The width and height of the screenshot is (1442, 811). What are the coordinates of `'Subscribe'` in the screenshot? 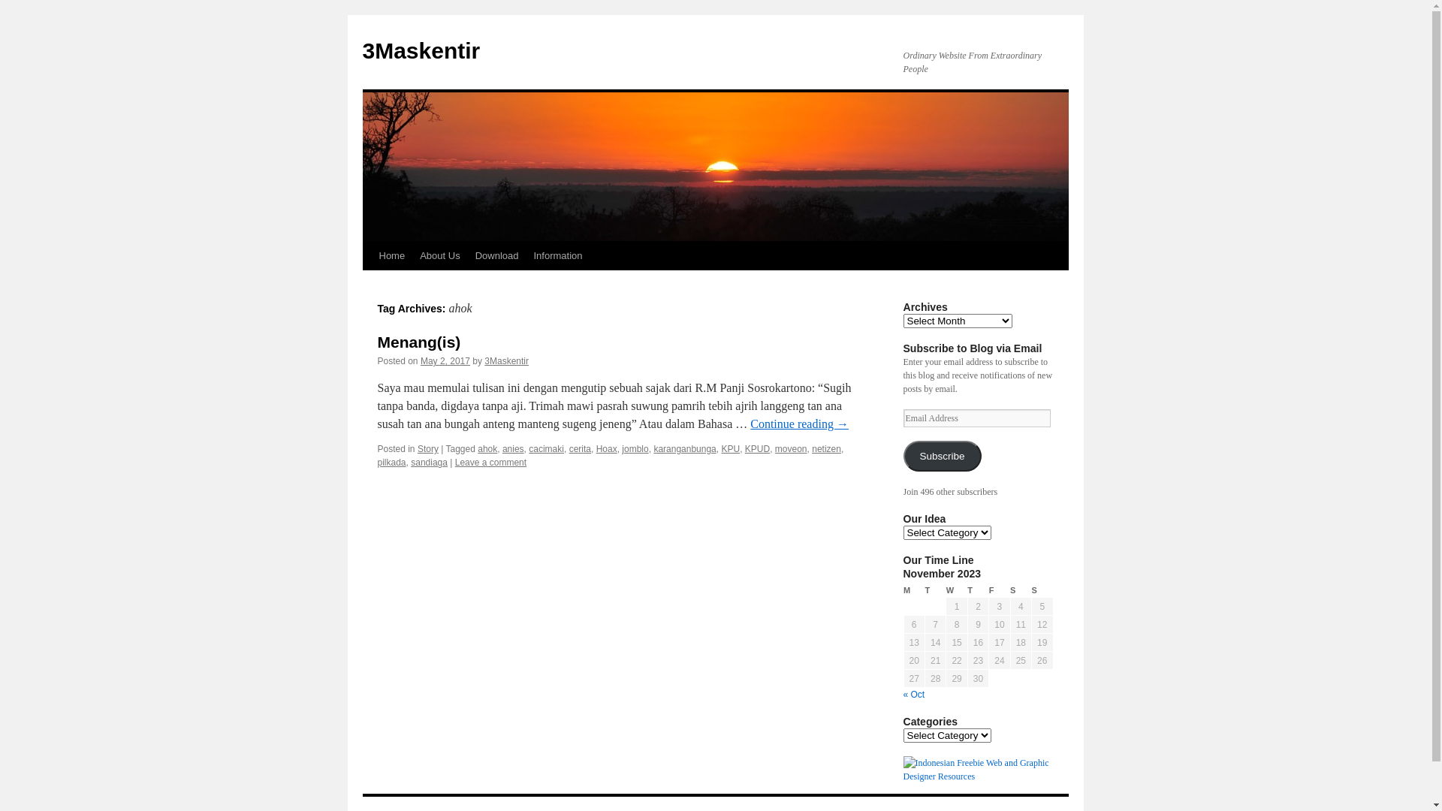 It's located at (940, 455).